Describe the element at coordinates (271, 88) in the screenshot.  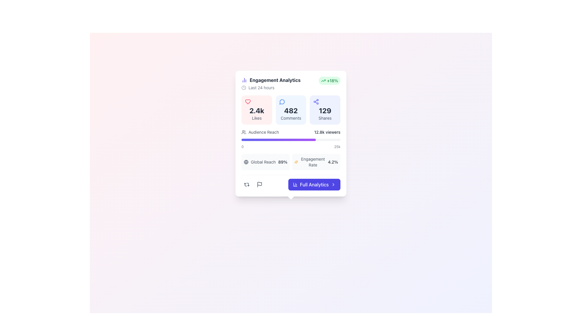
I see `the time clarification label located below the 'Engagement Analytics' header, which indicates data from the last 24 hours` at that location.